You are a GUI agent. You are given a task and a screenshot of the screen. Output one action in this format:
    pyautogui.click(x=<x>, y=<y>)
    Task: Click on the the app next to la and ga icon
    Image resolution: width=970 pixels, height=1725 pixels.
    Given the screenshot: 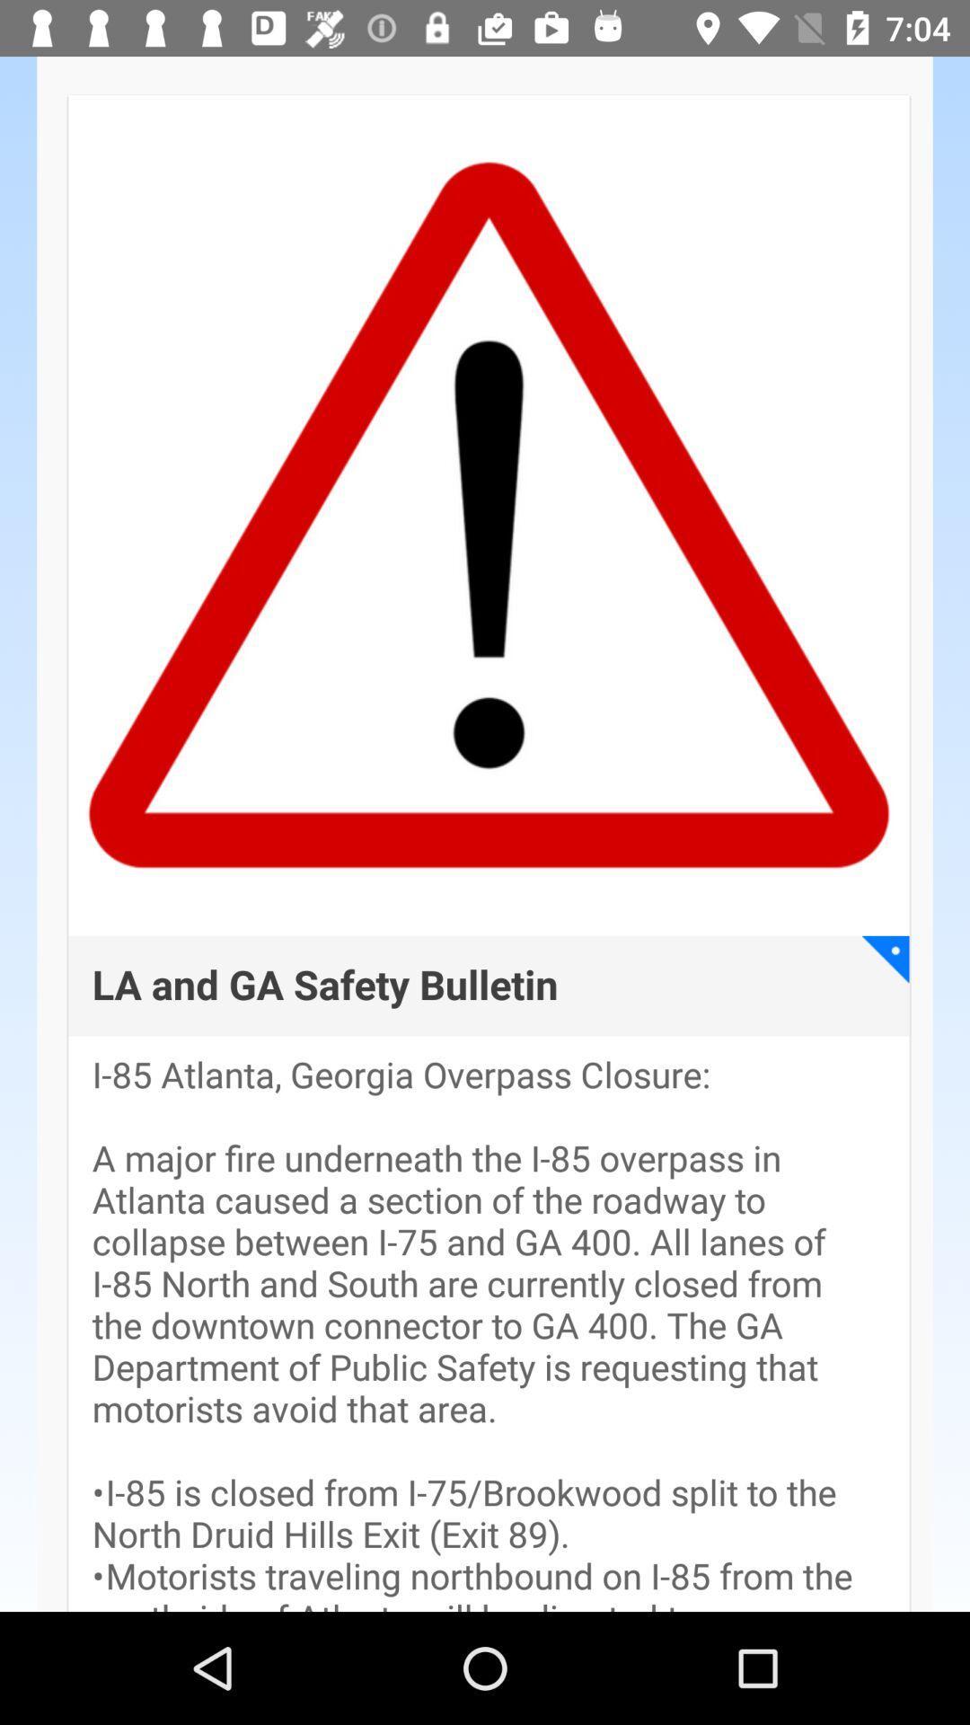 What is the action you would take?
    pyautogui.click(x=885, y=958)
    